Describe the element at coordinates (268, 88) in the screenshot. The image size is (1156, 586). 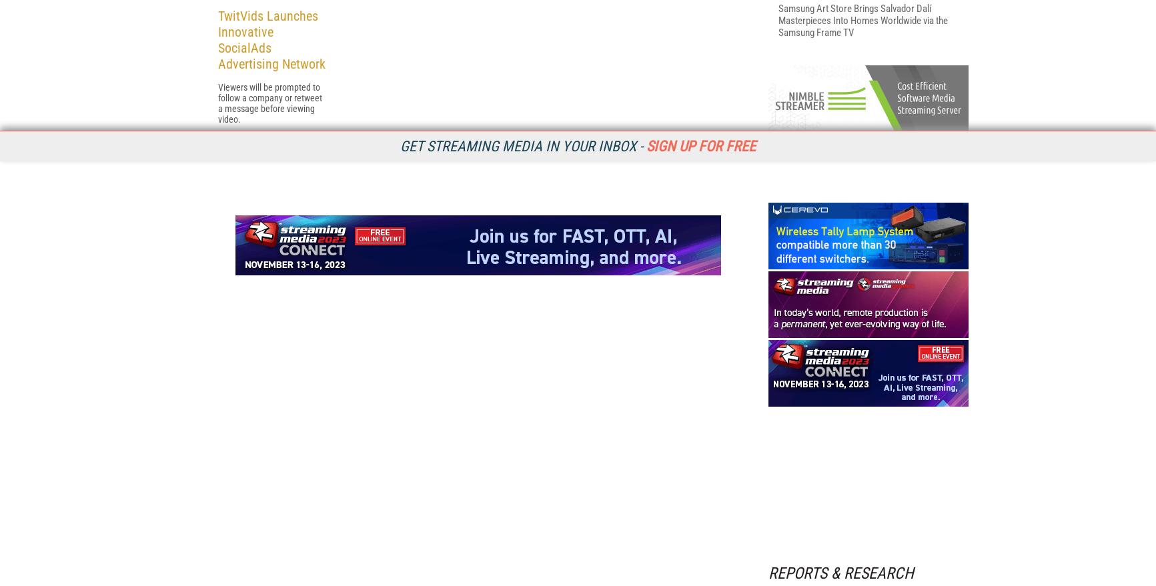
I see `'Related Articles'` at that location.